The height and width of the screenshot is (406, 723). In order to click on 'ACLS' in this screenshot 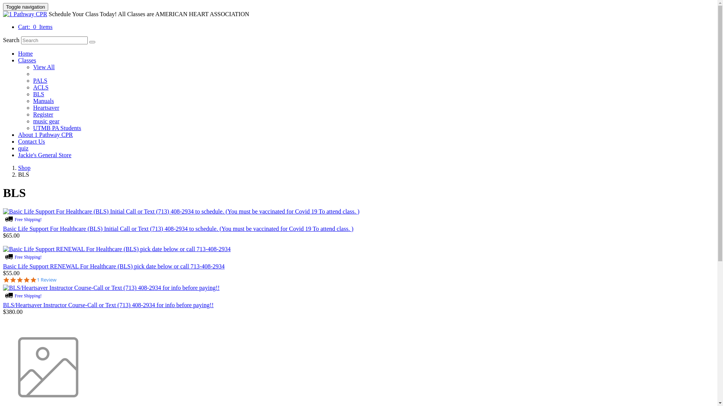, I will do `click(40, 87)`.